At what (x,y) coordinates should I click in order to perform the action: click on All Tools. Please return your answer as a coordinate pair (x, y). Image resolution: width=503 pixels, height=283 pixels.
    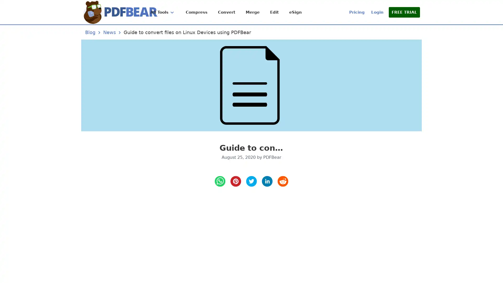
    Looking at the image, I should click on (161, 12).